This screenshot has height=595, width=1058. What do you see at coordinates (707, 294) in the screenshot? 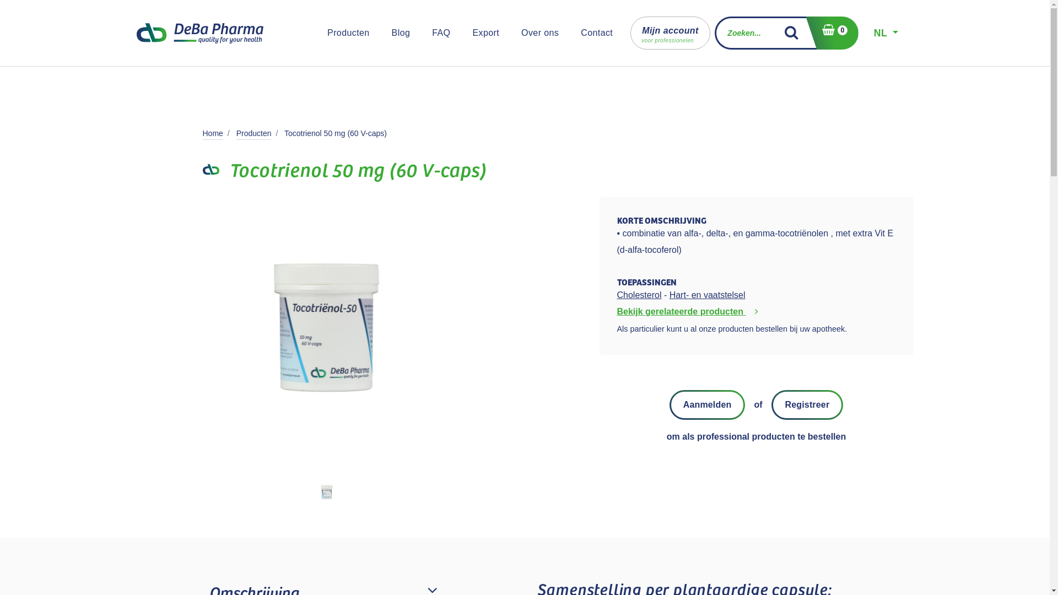
I see `'Hart- en vaatstelsel'` at bounding box center [707, 294].